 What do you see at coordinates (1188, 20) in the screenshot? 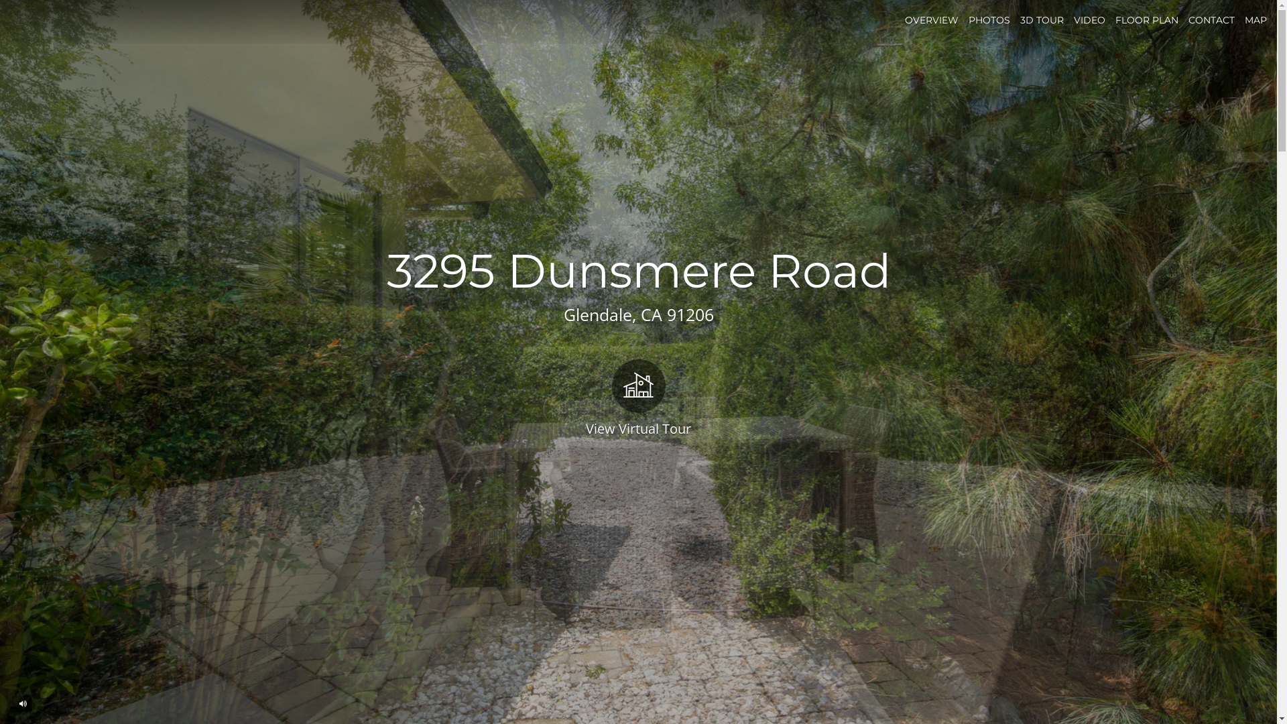
I see `'CONTACT'` at bounding box center [1188, 20].